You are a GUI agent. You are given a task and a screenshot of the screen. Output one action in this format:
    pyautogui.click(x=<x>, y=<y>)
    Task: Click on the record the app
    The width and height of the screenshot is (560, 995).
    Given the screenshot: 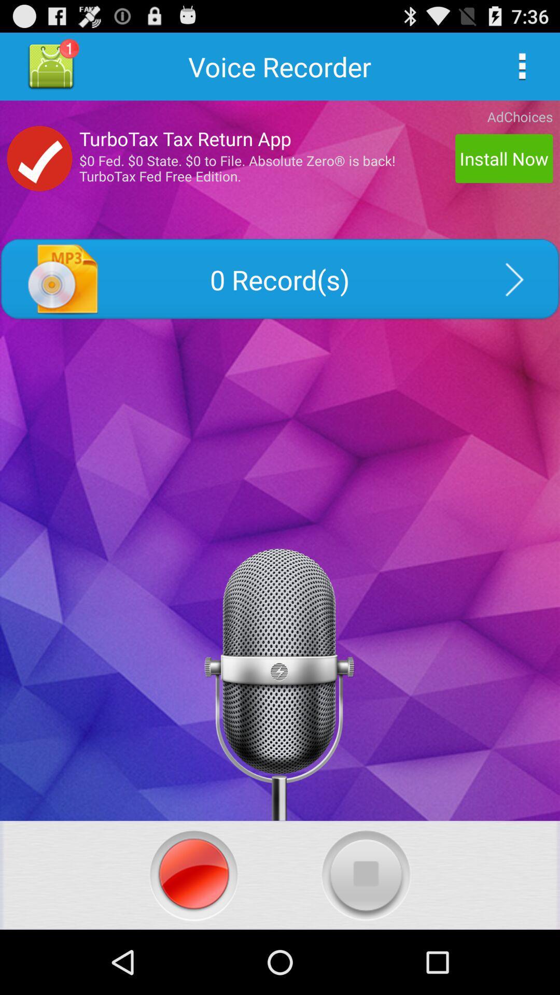 What is the action you would take?
    pyautogui.click(x=193, y=875)
    